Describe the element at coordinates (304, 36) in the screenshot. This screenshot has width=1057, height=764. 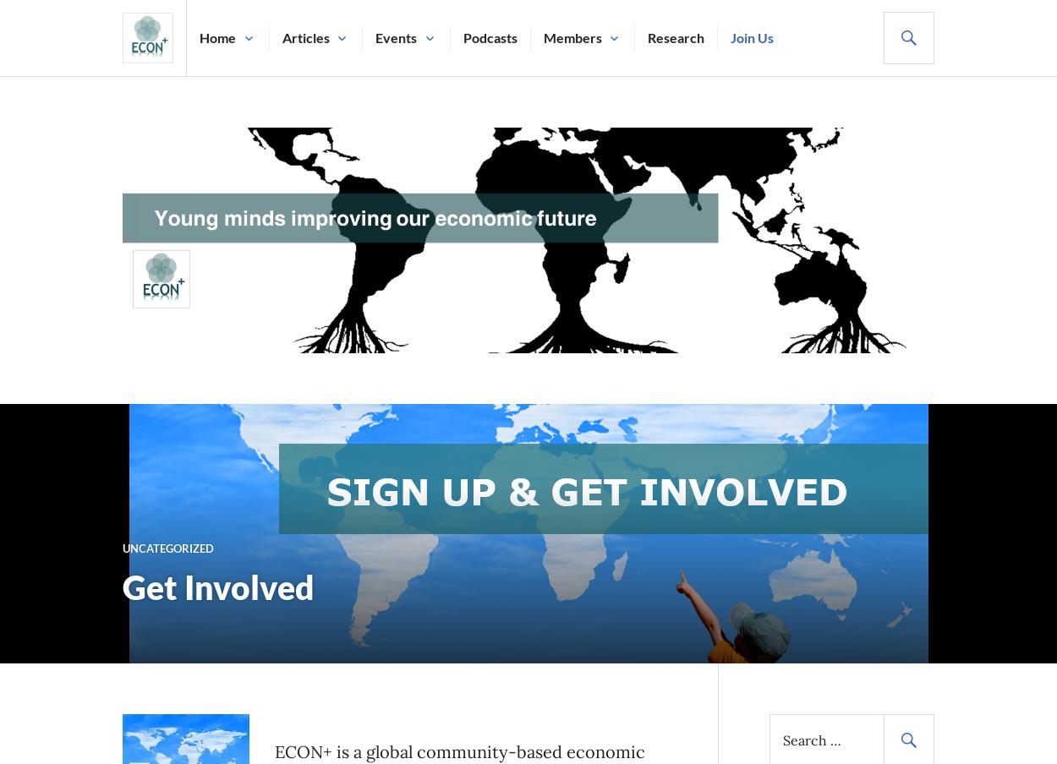
I see `'Articles'` at that location.